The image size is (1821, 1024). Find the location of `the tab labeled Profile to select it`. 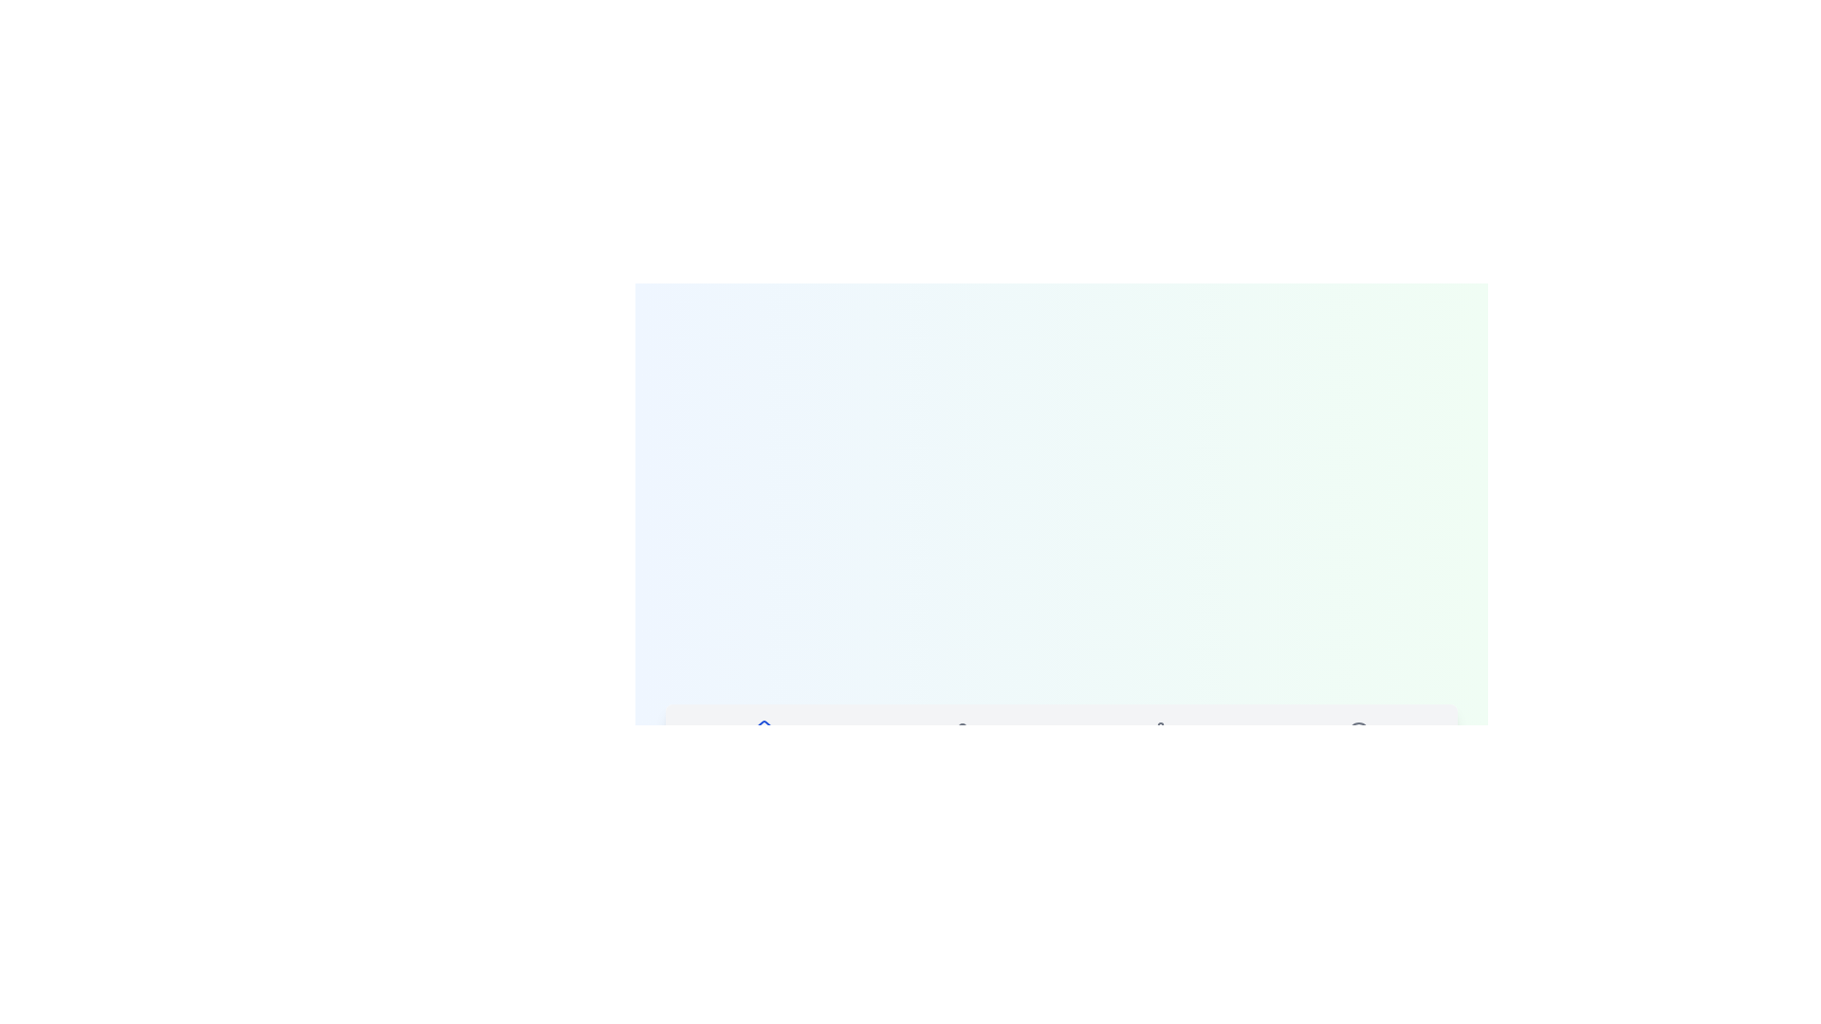

the tab labeled Profile to select it is located at coordinates (963, 742).